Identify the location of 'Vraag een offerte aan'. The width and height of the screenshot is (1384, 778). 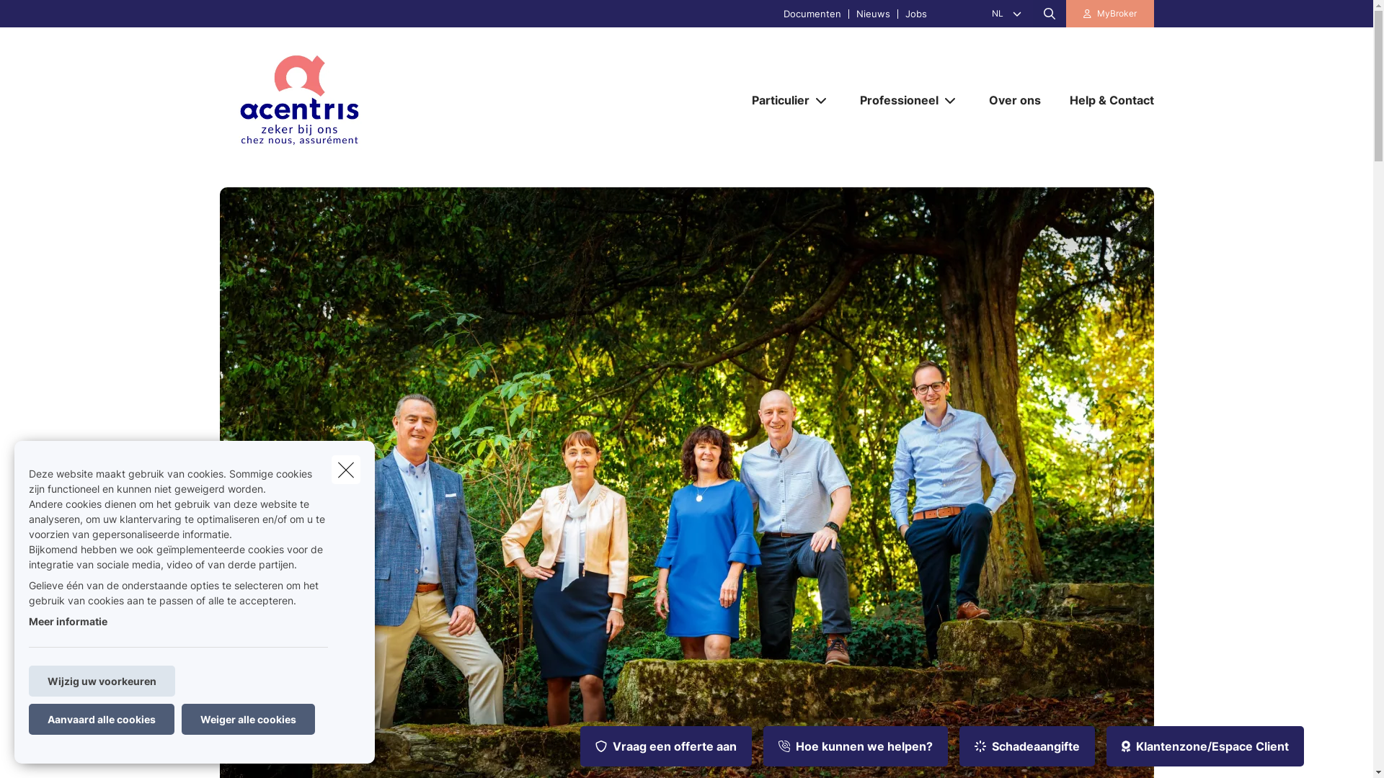
(665, 746).